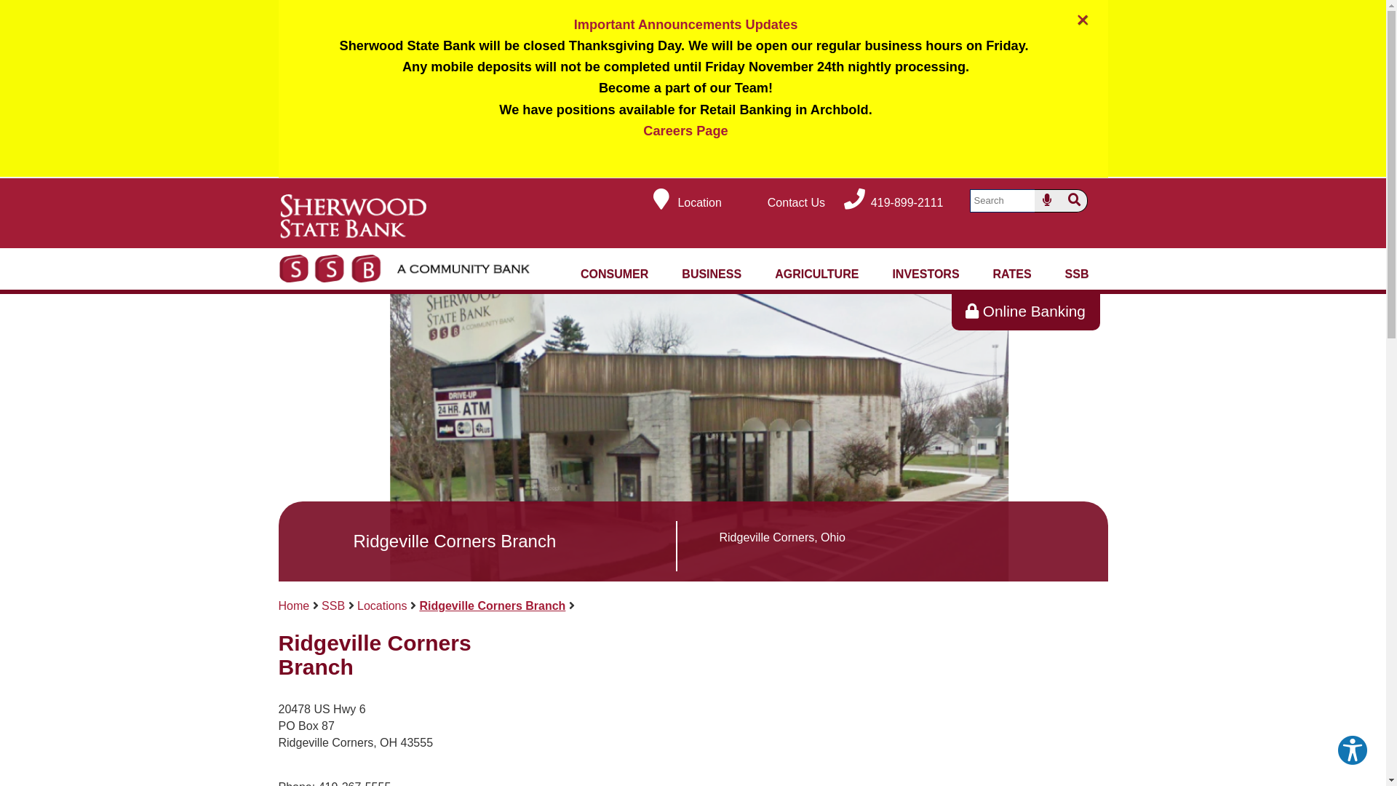 This screenshot has width=1397, height=786. What do you see at coordinates (737, 202) in the screenshot?
I see `'Contact Us'` at bounding box center [737, 202].